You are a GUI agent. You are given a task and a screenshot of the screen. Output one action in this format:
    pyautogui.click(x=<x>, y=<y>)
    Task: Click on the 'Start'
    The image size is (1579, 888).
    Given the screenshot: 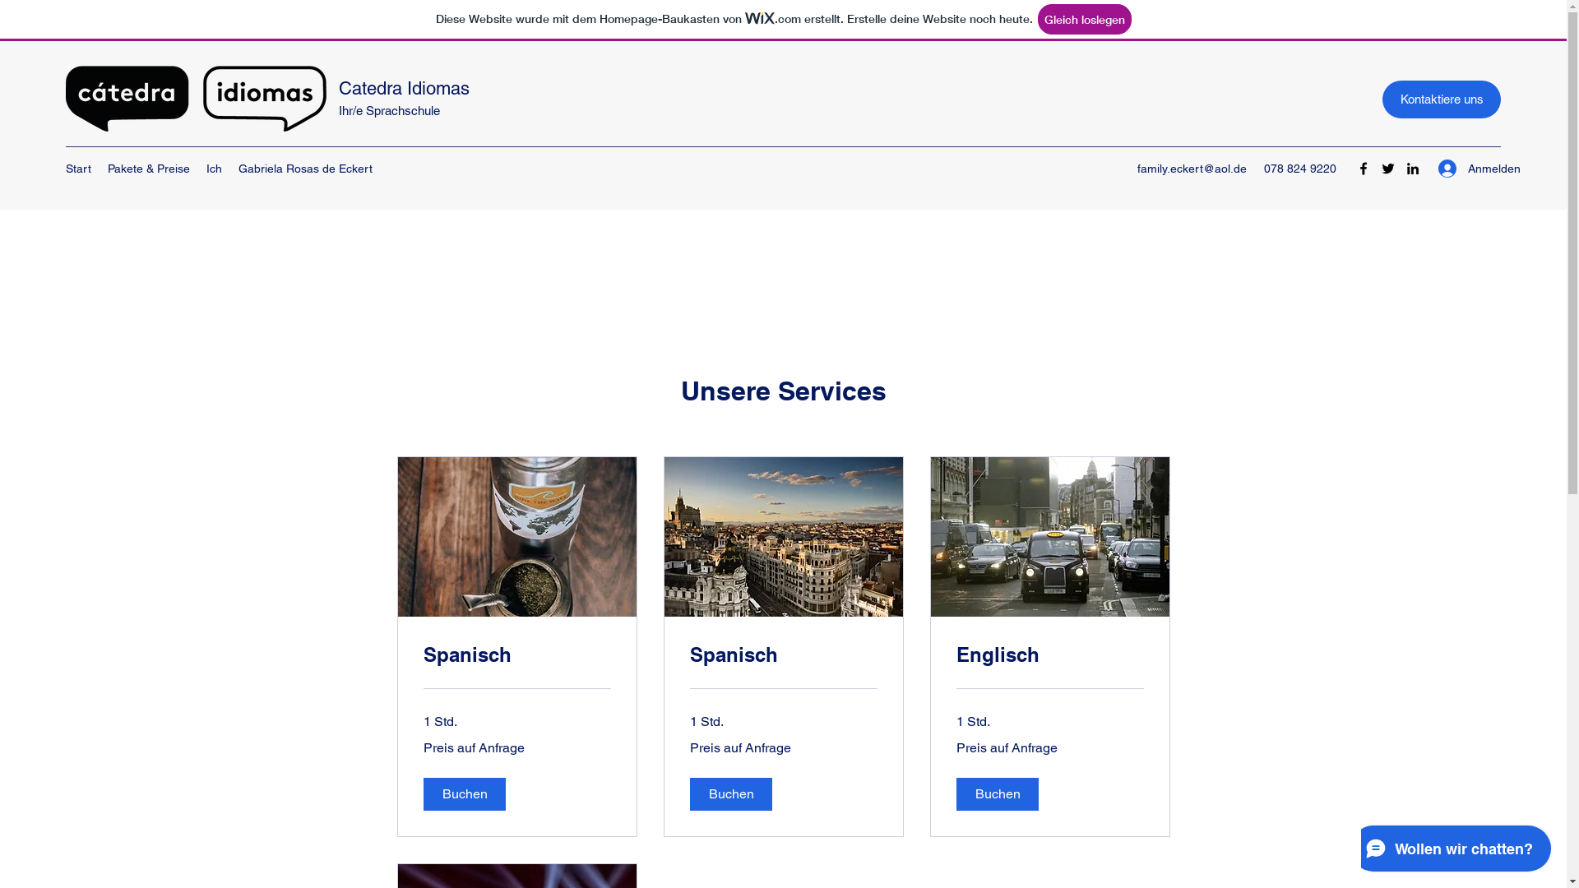 What is the action you would take?
    pyautogui.click(x=58, y=169)
    